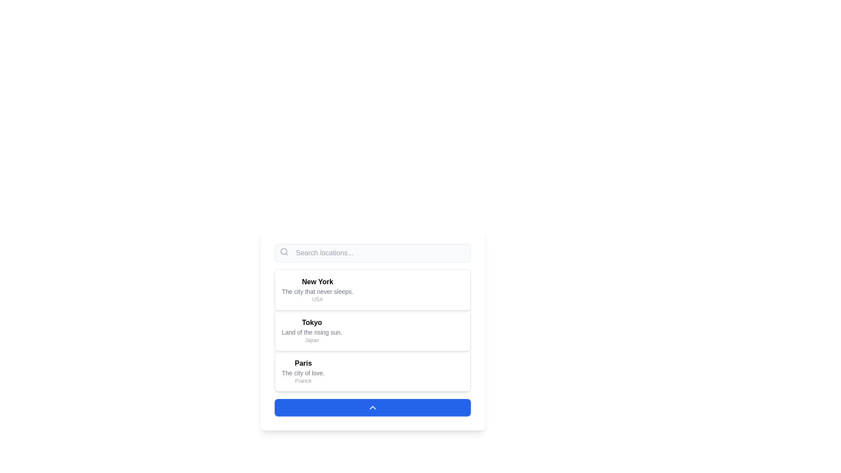 This screenshot has height=473, width=841. I want to click on the magnifying glass-shaped search icon, which is styled with a gray stroke and positioned to the left of the input field in the search bar, so click(284, 251).